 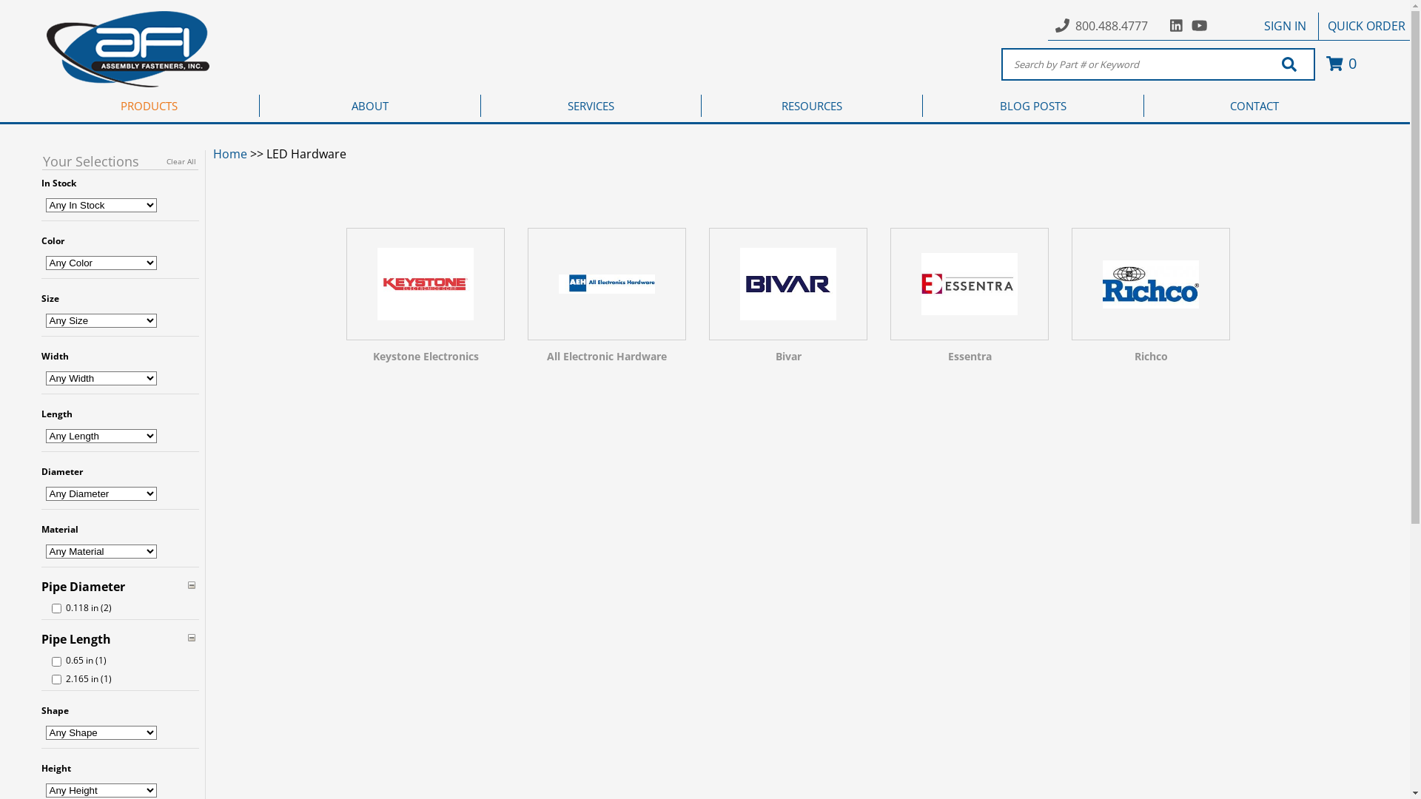 I want to click on 'Keystone Electronics', so click(x=425, y=300).